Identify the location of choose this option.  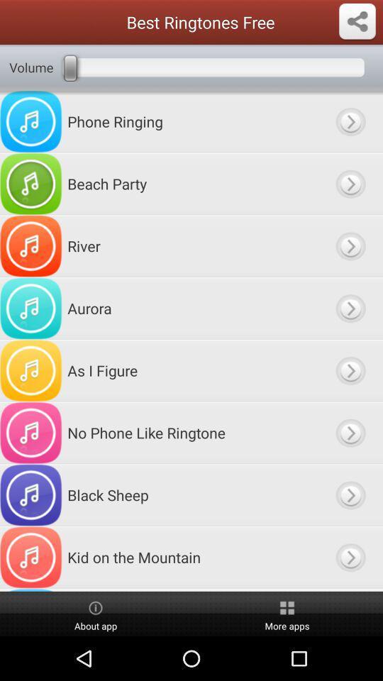
(350, 432).